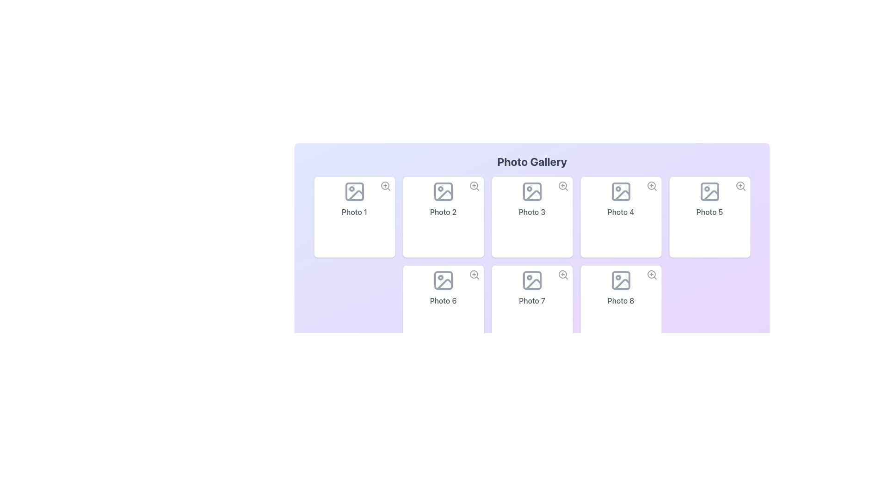 This screenshot has height=499, width=888. Describe the element at coordinates (443, 306) in the screenshot. I see `the sixth interactive photo card in the 'Photo Gallery' section` at that location.